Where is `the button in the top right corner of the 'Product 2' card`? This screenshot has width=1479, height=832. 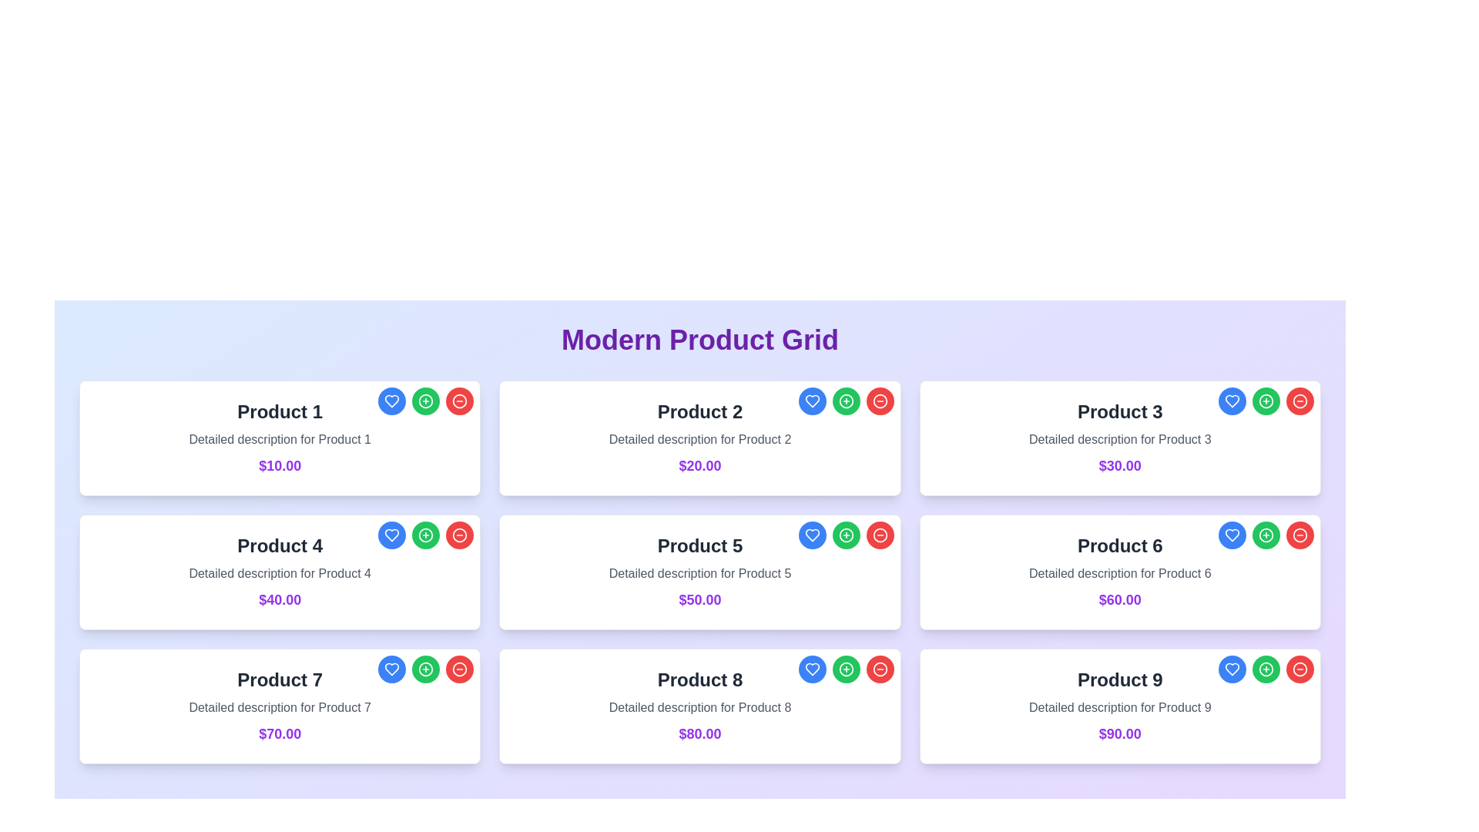 the button in the top right corner of the 'Product 2' card is located at coordinates (845, 400).